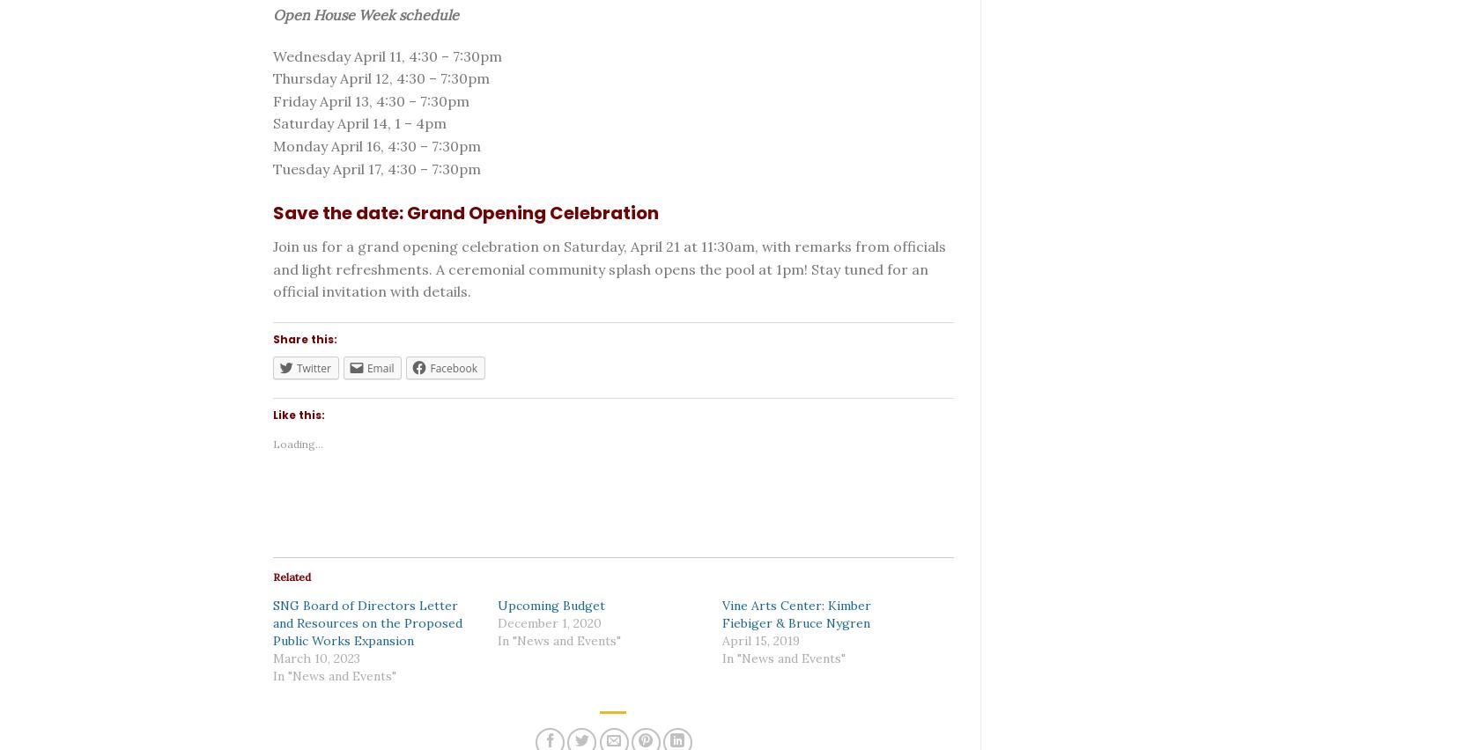 The width and height of the screenshot is (1471, 750). What do you see at coordinates (298, 443) in the screenshot?
I see `'Loading...'` at bounding box center [298, 443].